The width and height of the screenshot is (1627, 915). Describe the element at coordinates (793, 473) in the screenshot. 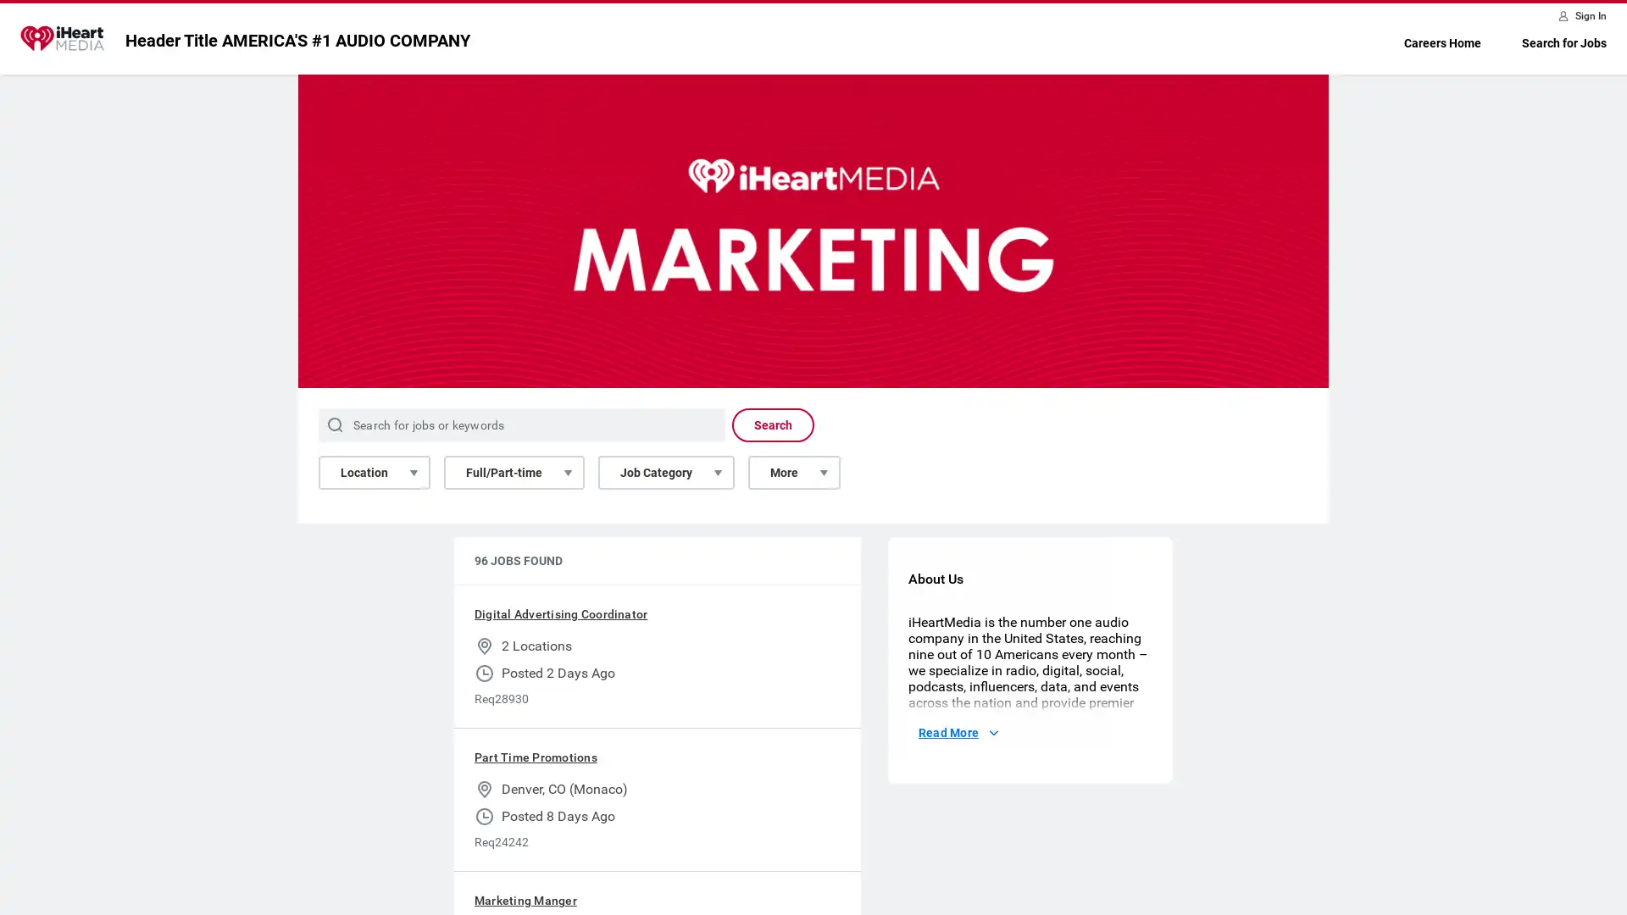

I see `More` at that location.